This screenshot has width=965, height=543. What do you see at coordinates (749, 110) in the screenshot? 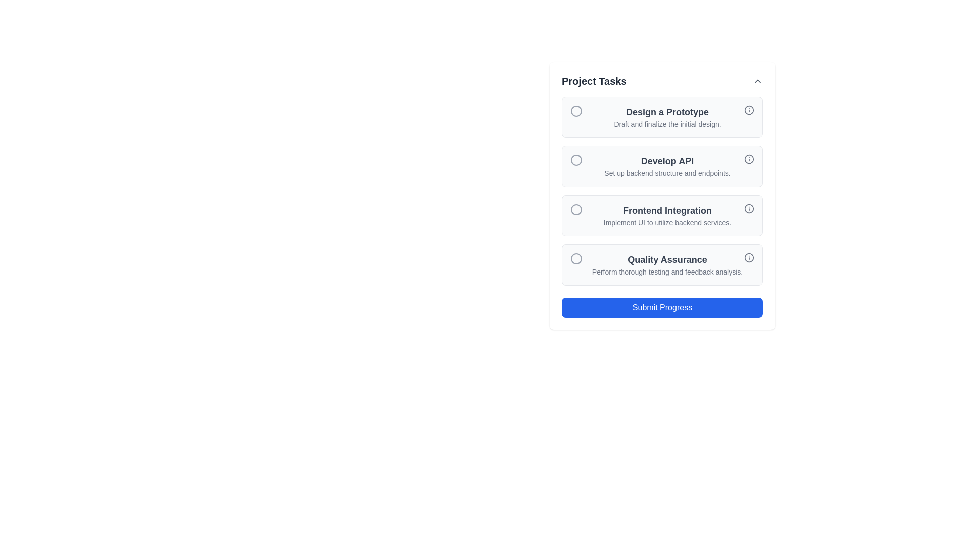
I see `the circular grey icon with an 'i' located to the right of the 'Design a Prototype' text` at bounding box center [749, 110].